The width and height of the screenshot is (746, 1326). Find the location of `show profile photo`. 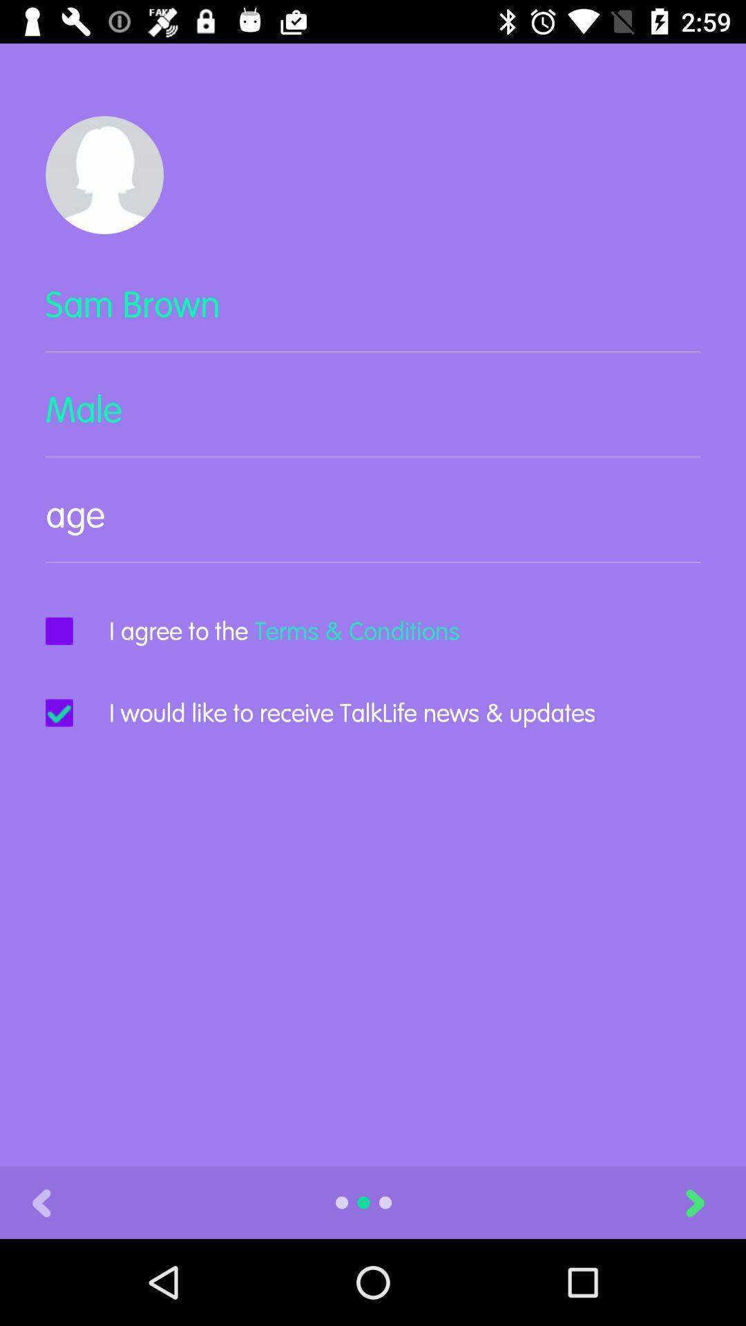

show profile photo is located at coordinates (104, 174).